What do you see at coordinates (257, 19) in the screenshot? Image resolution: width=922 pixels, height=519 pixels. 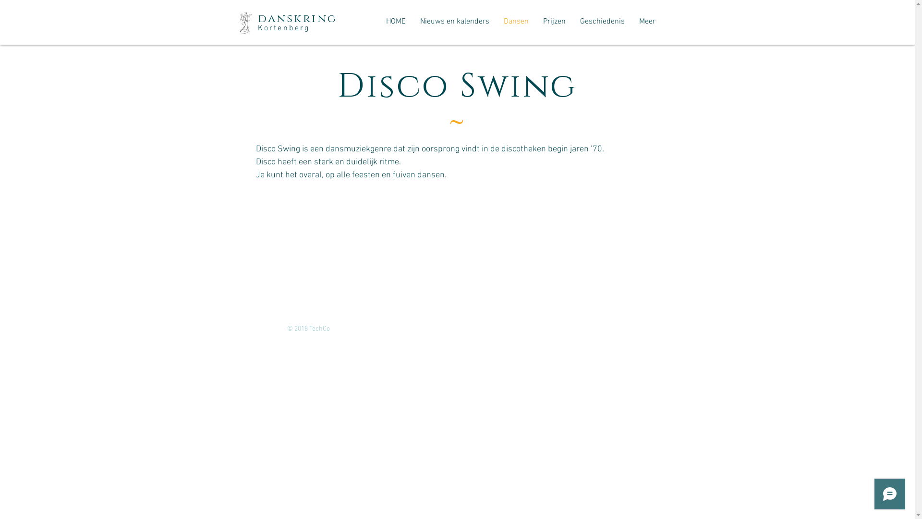 I see `'danskring'` at bounding box center [257, 19].